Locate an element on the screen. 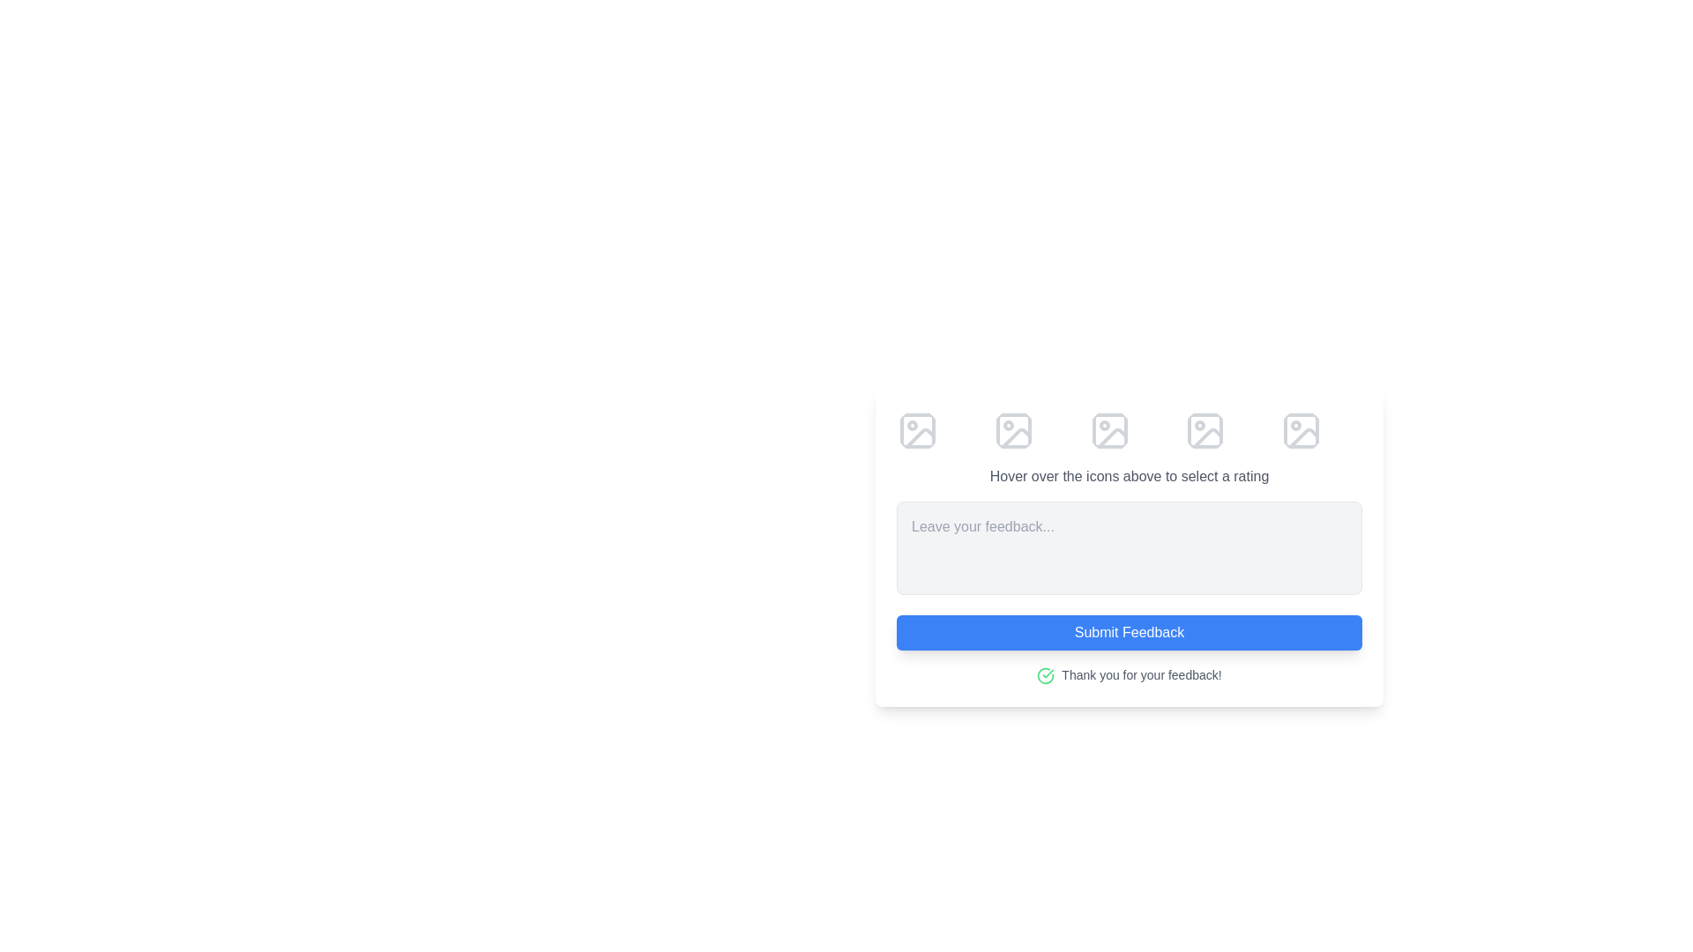 This screenshot has height=952, width=1693. the Decorative UI component, a small rectangle with rounded corners located at the top-right of the third icon in a horizontal set of five icons is located at coordinates (1108, 431).